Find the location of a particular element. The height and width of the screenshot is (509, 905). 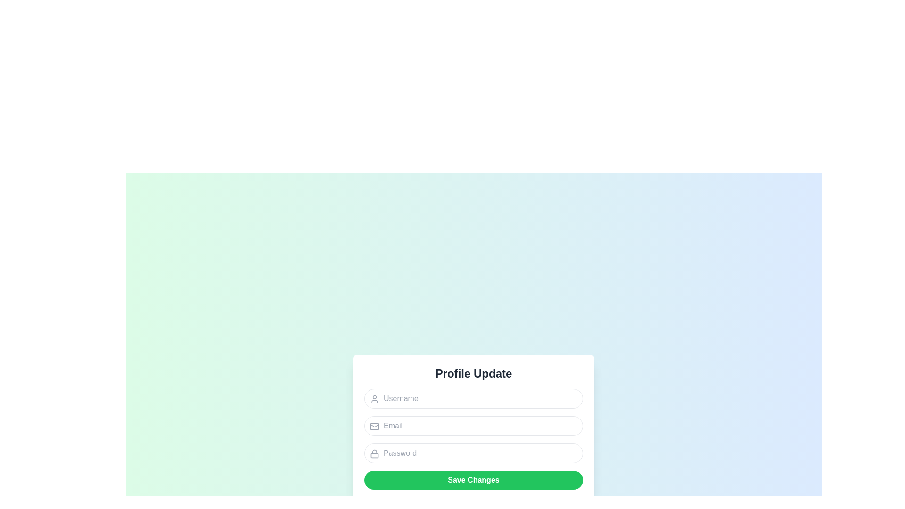

the email icon, which resembles a gray envelope and is positioned to the left of the 'Email' input field in the profile update form is located at coordinates (374, 427).